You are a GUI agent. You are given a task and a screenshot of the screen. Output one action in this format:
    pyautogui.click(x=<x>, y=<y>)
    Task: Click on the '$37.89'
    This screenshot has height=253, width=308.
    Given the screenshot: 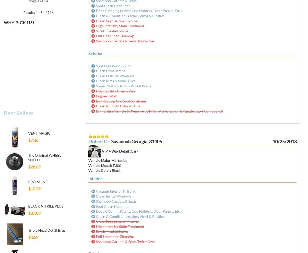 What is the action you would take?
    pyautogui.click(x=34, y=212)
    